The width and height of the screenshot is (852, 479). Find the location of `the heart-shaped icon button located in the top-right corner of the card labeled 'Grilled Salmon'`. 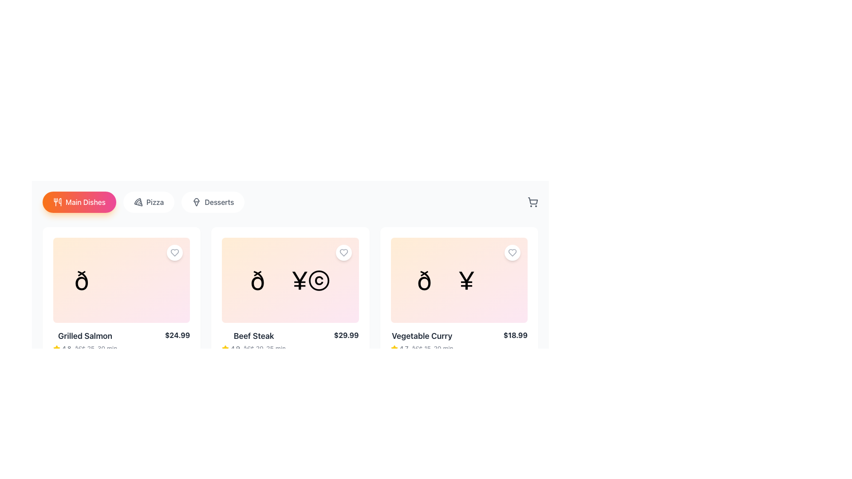

the heart-shaped icon button located in the top-right corner of the card labeled 'Grilled Salmon' is located at coordinates (175, 253).